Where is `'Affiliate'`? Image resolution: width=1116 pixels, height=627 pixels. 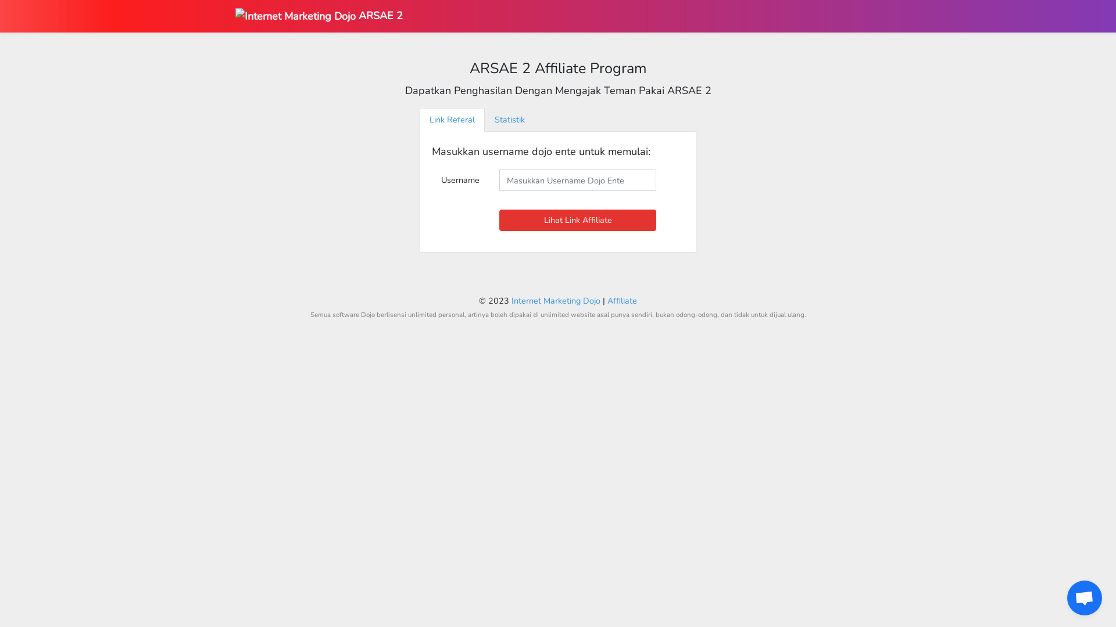
'Affiliate' is located at coordinates (621, 300).